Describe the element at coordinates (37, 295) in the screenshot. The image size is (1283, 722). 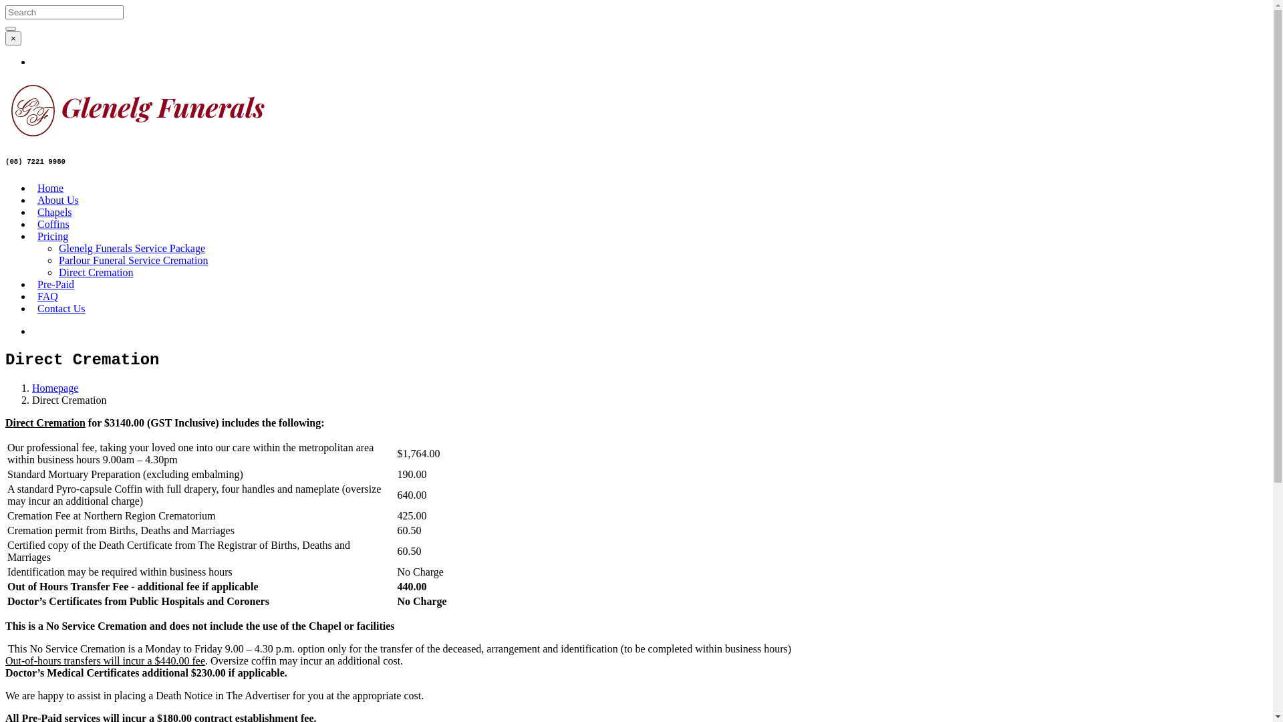
I see `'FAQ'` at that location.